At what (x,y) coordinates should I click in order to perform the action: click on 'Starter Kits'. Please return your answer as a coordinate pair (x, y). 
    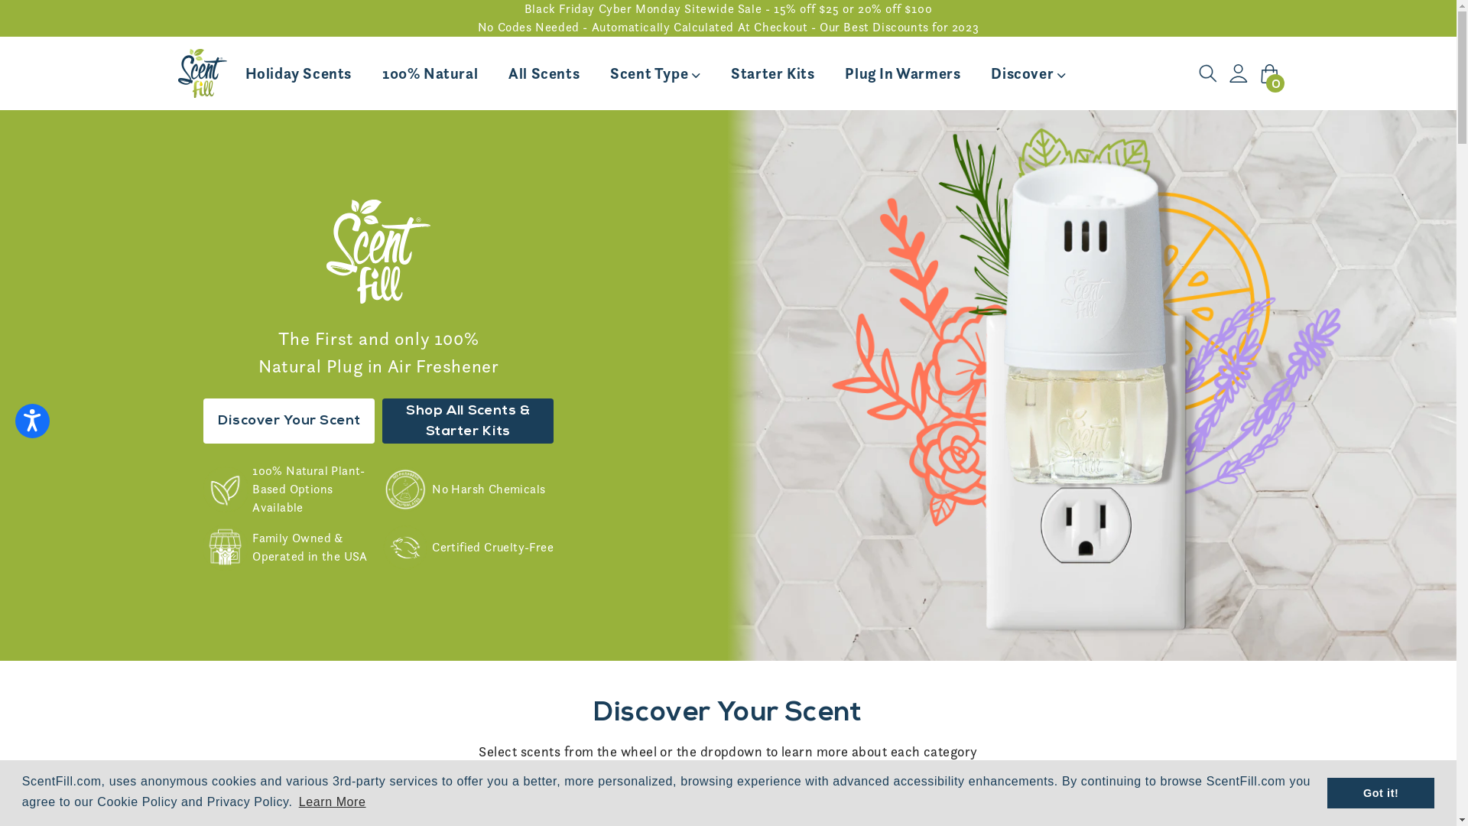
    Looking at the image, I should click on (772, 73).